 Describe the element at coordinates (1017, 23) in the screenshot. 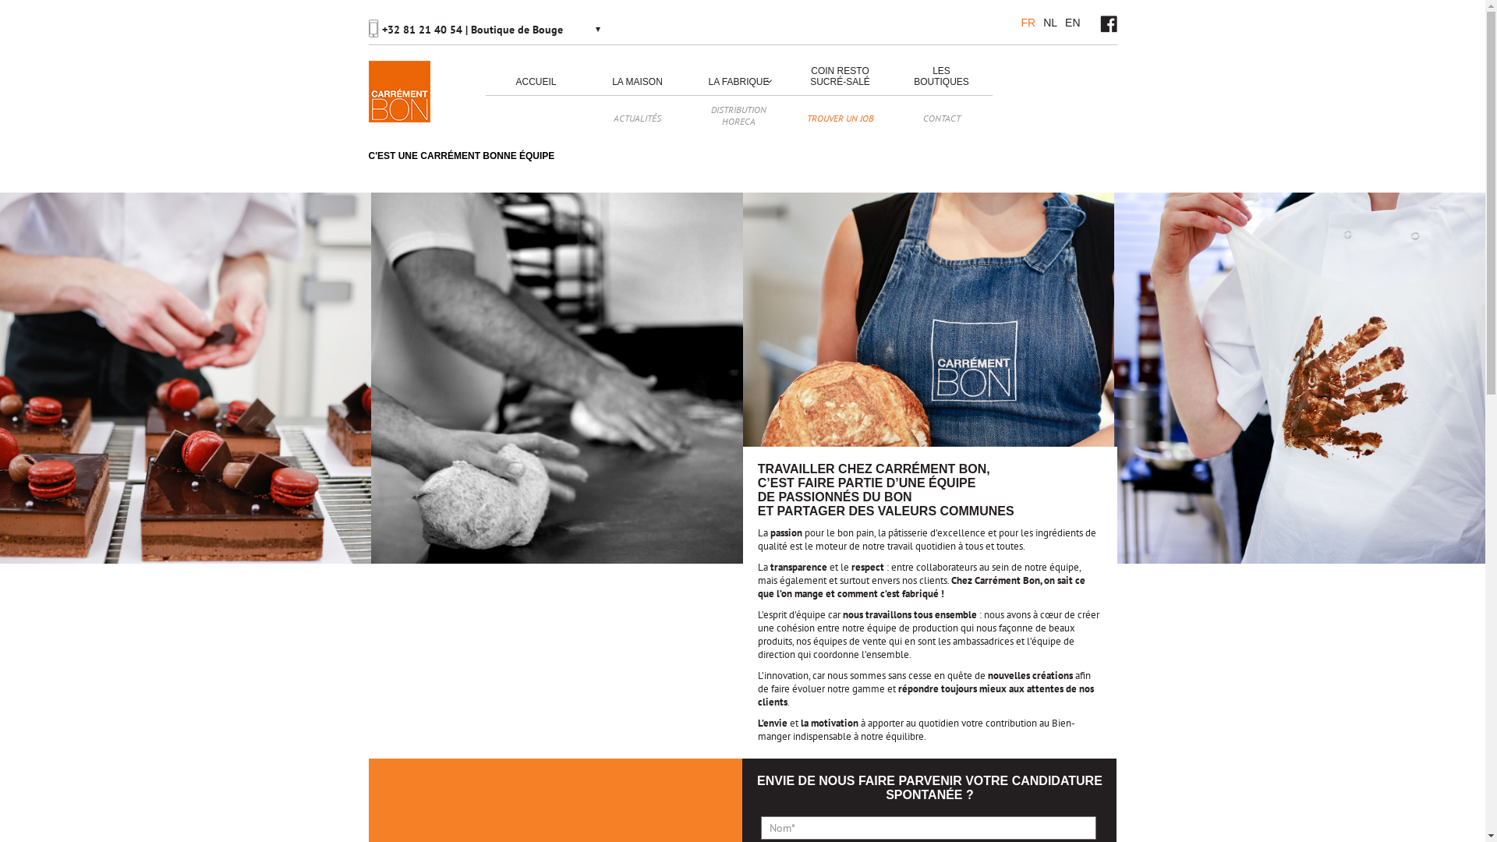

I see `'FR'` at that location.